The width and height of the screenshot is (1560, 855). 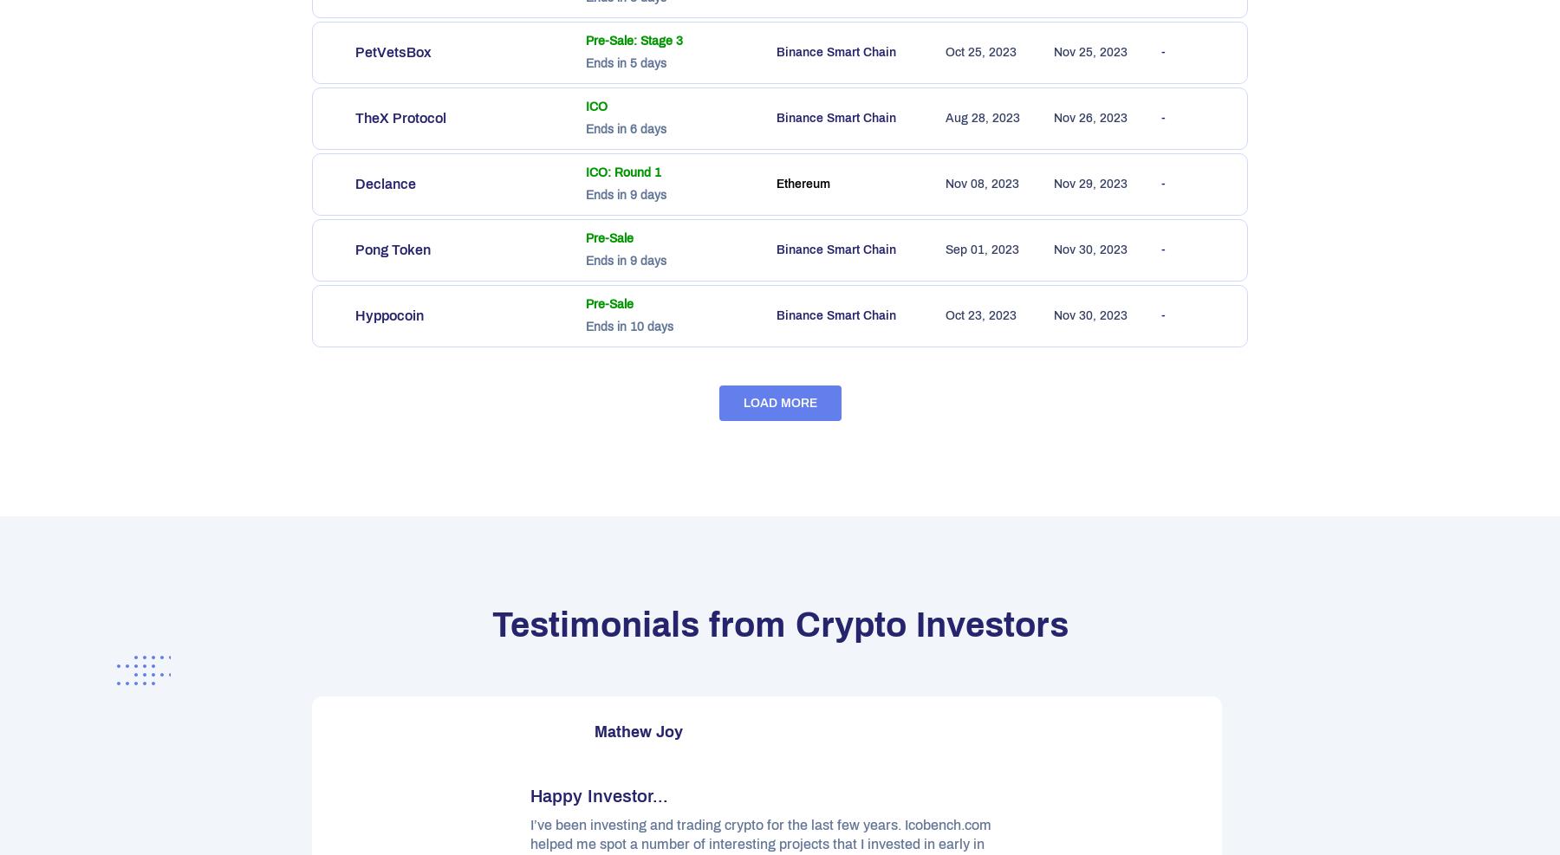 I want to click on 'Nov 29, 2023', so click(x=1090, y=184).